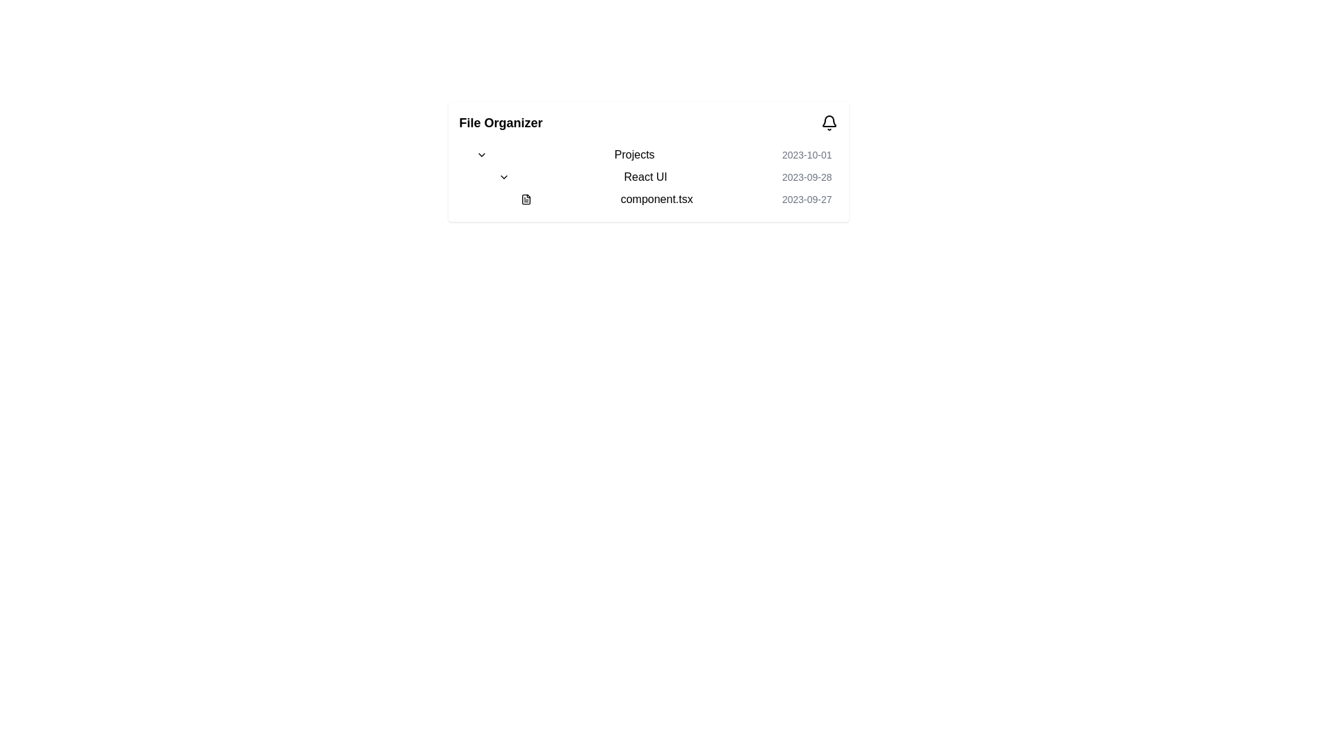  What do you see at coordinates (633, 155) in the screenshot?
I see `the 'Projects' label, which is a horizontally aligned text label styled in black within a list item component` at bounding box center [633, 155].